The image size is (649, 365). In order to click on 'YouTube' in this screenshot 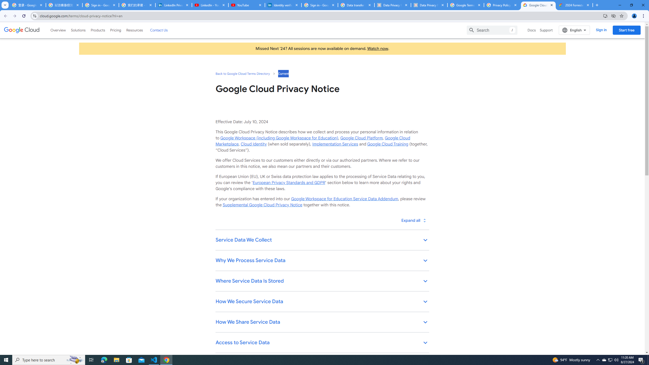, I will do `click(246, 5)`.